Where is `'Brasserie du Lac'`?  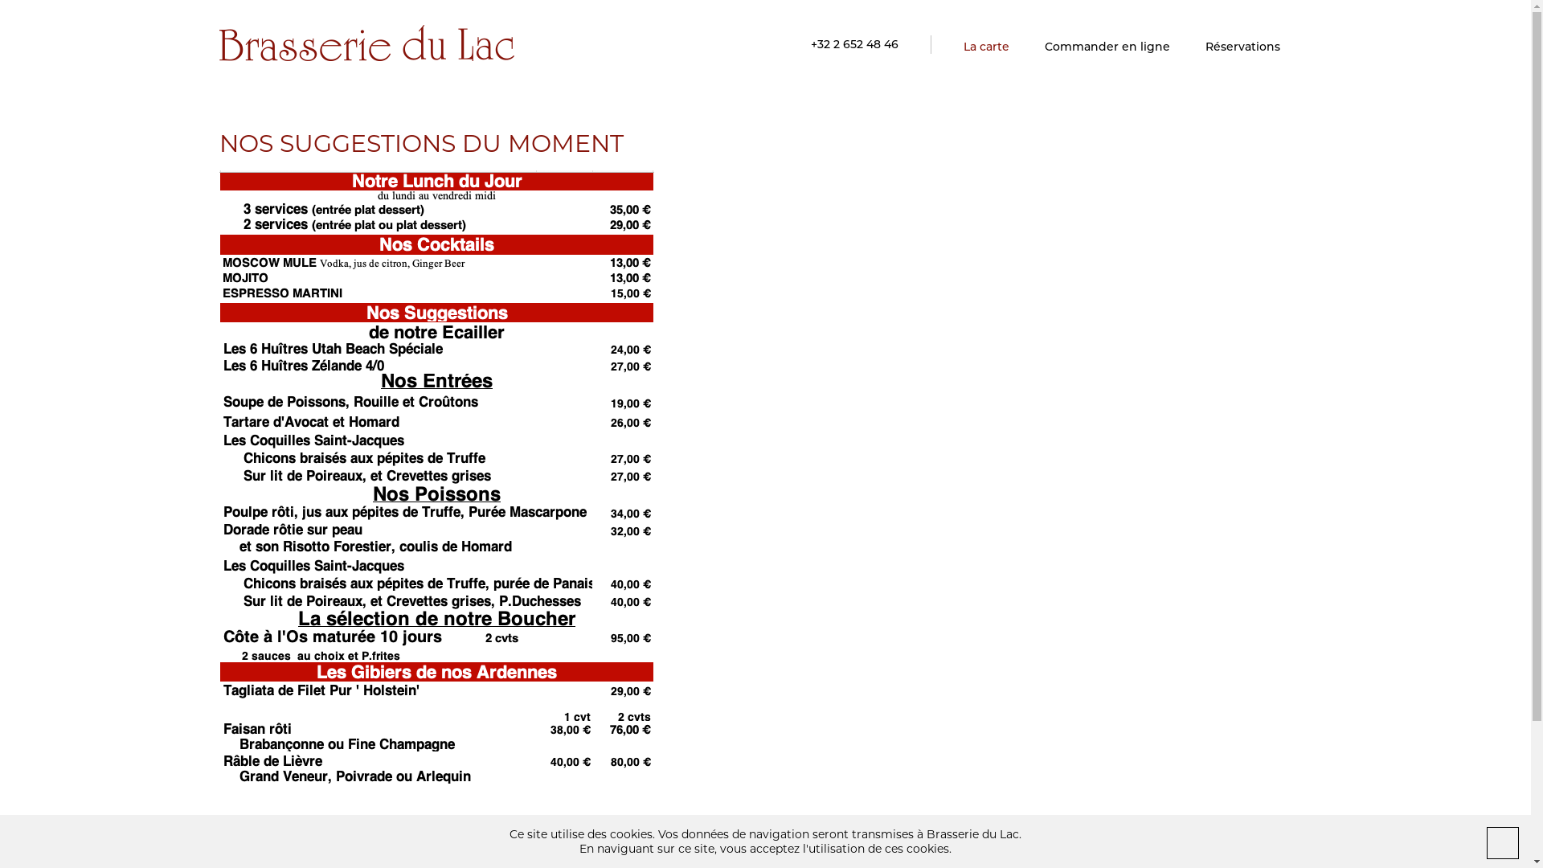 'Brasserie du Lac' is located at coordinates (365, 41).